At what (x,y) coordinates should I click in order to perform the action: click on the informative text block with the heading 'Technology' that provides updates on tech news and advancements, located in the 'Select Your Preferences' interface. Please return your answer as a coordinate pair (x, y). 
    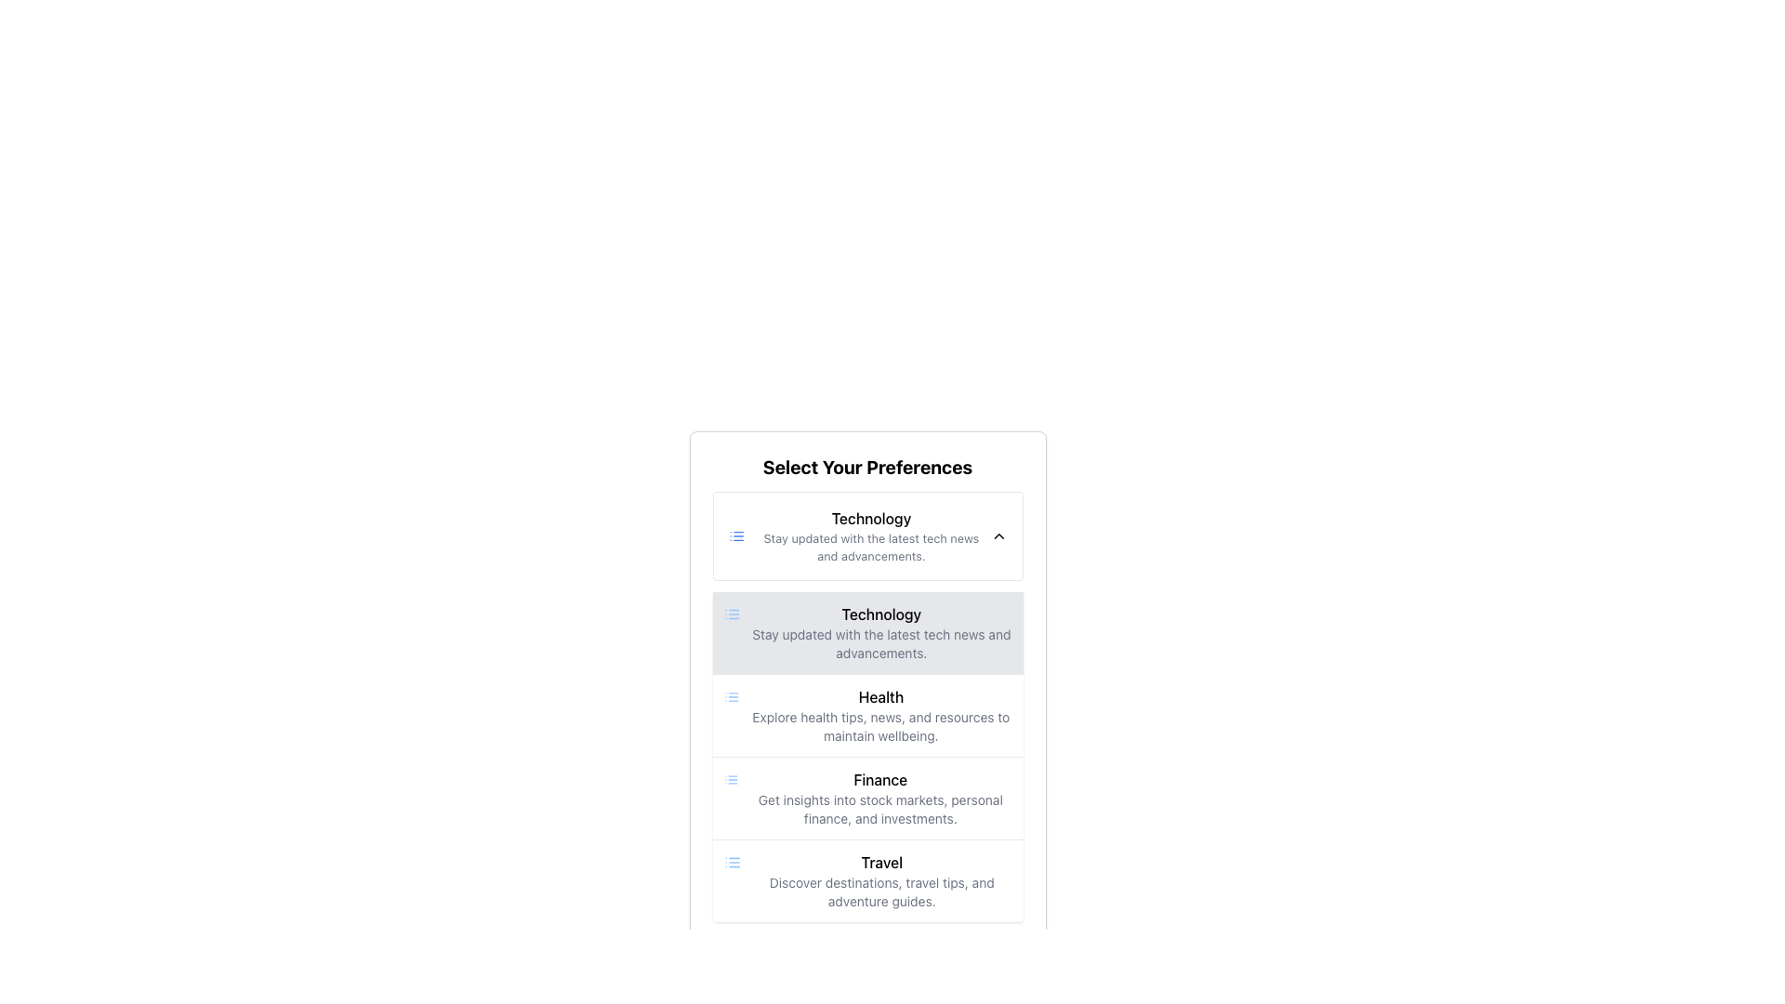
    Looking at the image, I should click on (880, 632).